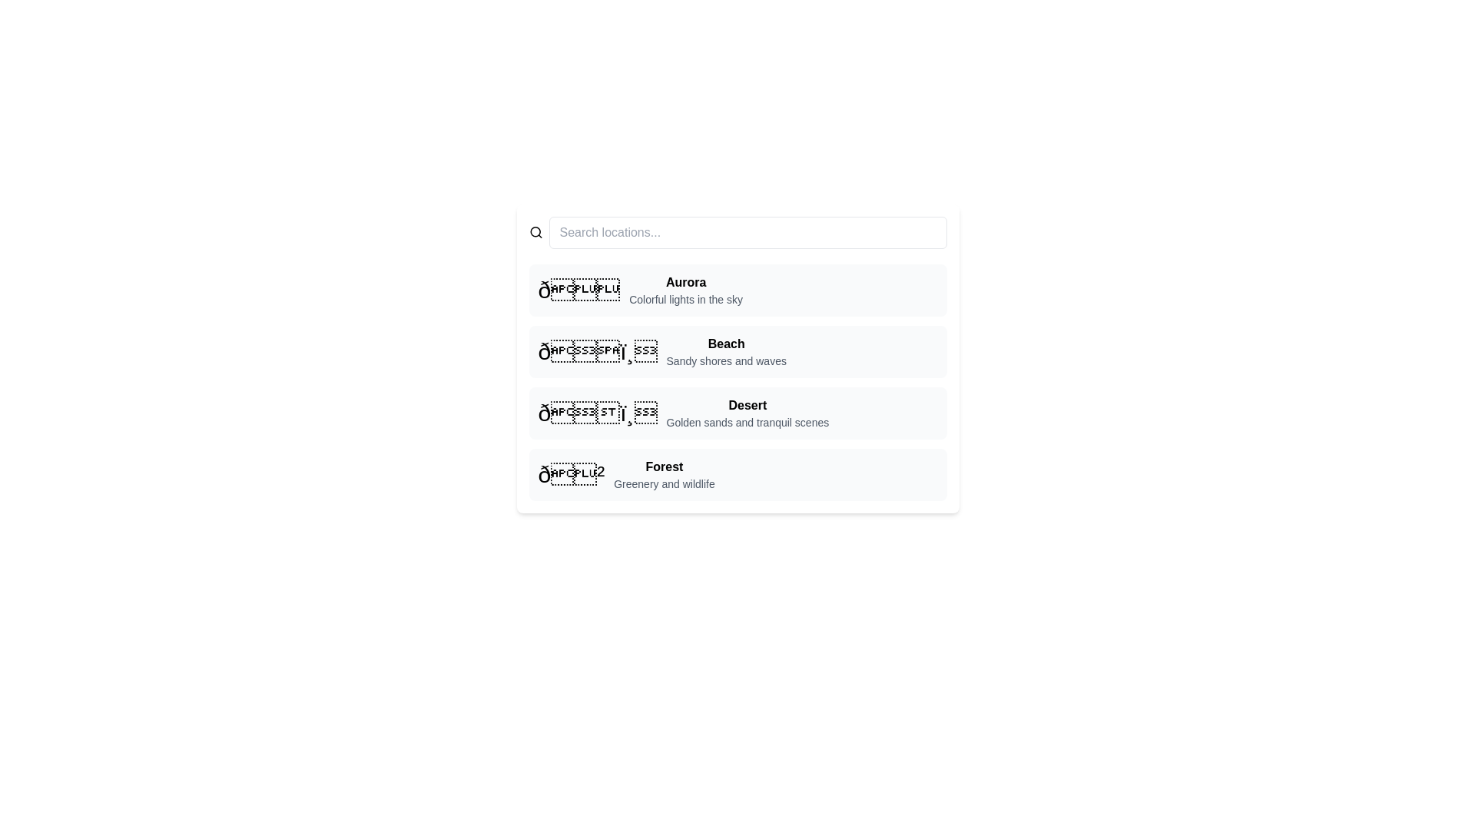 Image resolution: width=1475 pixels, height=830 pixels. Describe the element at coordinates (737, 352) in the screenshot. I see `the List Item displaying the emoji of a beach, titled 'Beach' with the description 'Sandy shores and waves' for more details` at that location.